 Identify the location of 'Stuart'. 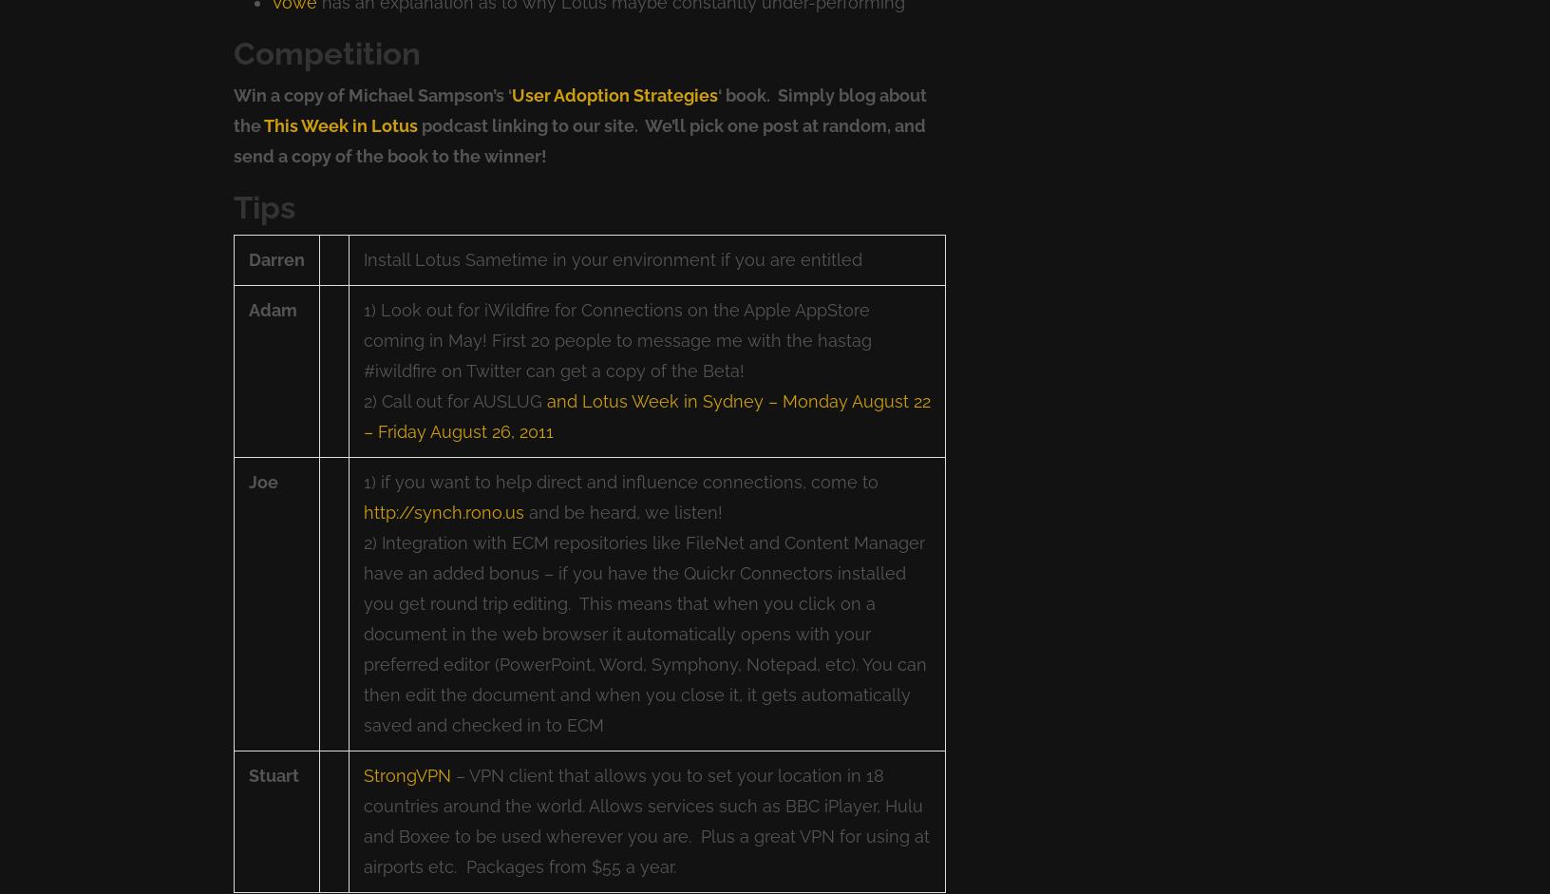
(273, 774).